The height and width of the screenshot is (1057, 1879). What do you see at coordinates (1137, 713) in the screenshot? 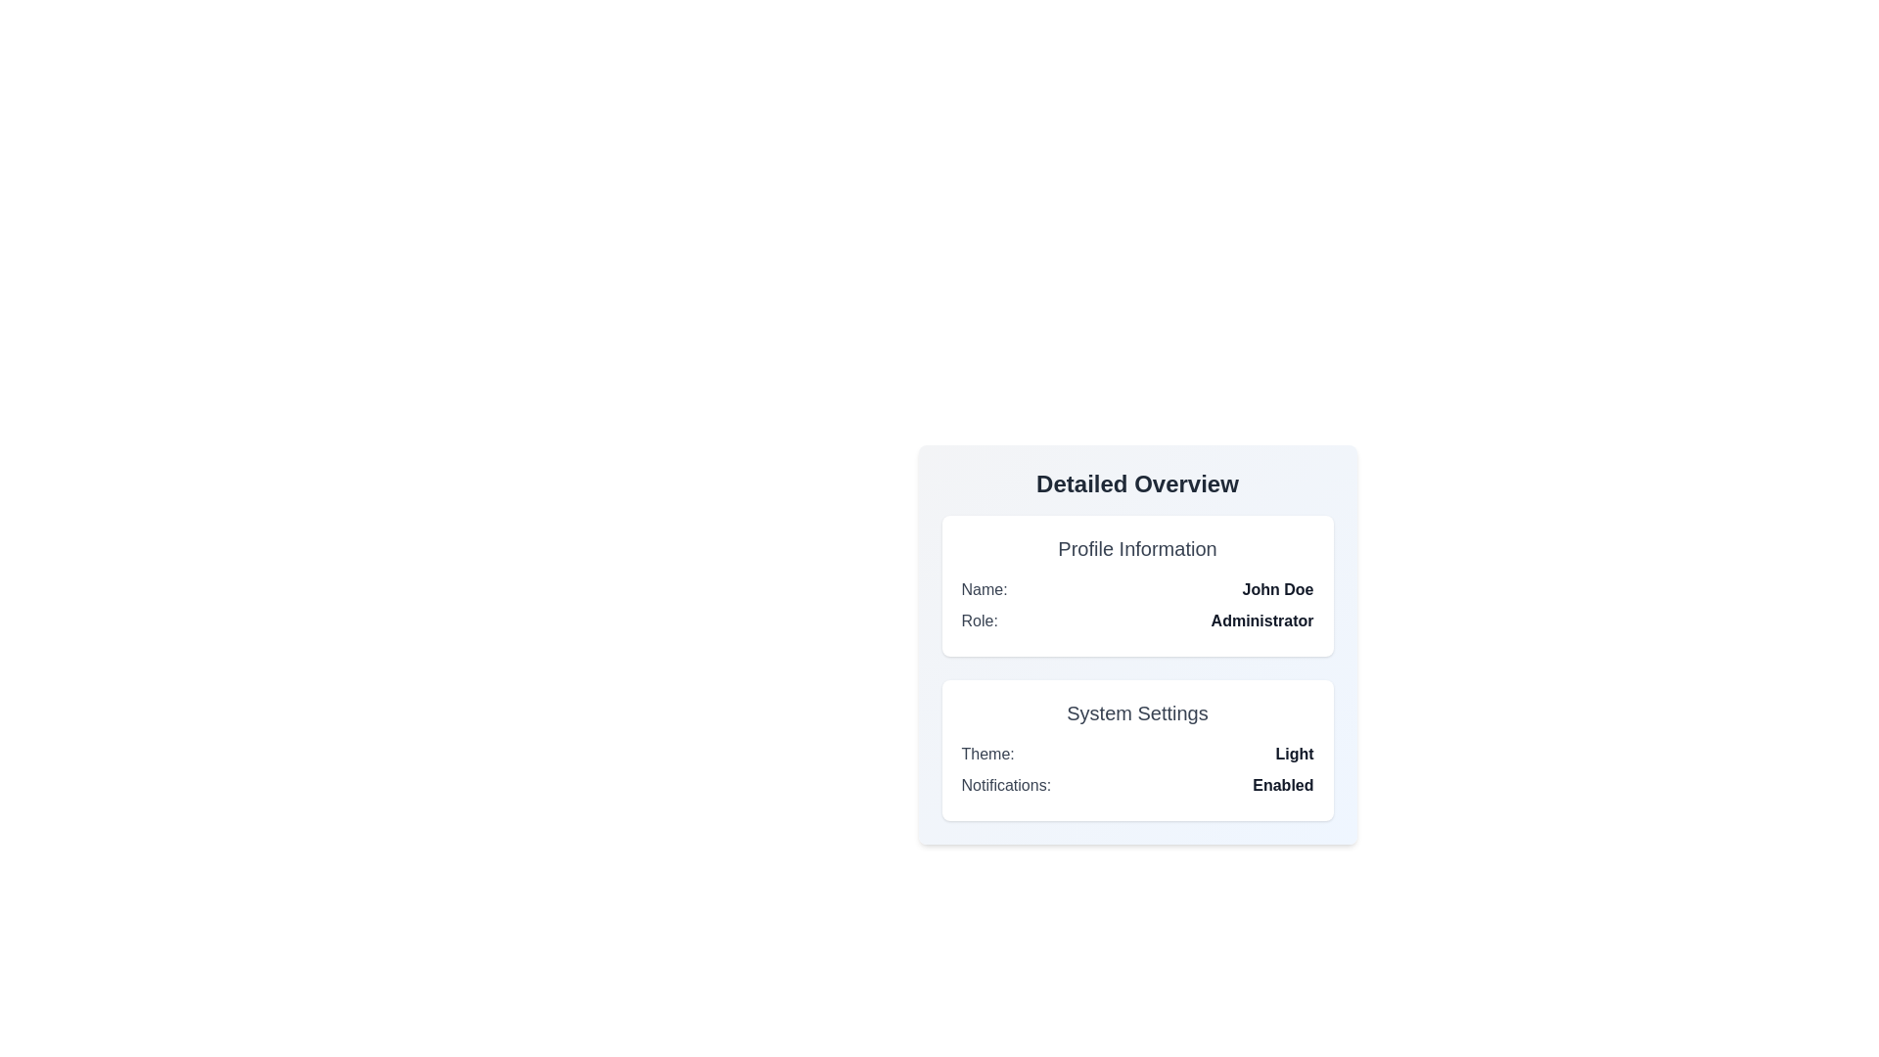
I see `the 'System Settings' heading, which is a prominently displayed title in a large gray font within a white, shadowed card element, located in the second rectangular section of the interface` at bounding box center [1137, 713].